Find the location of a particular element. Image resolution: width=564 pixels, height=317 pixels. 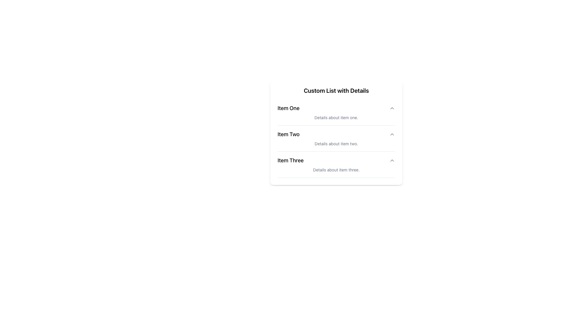

the second list item in the 'Custom List with Details' is located at coordinates (336, 132).